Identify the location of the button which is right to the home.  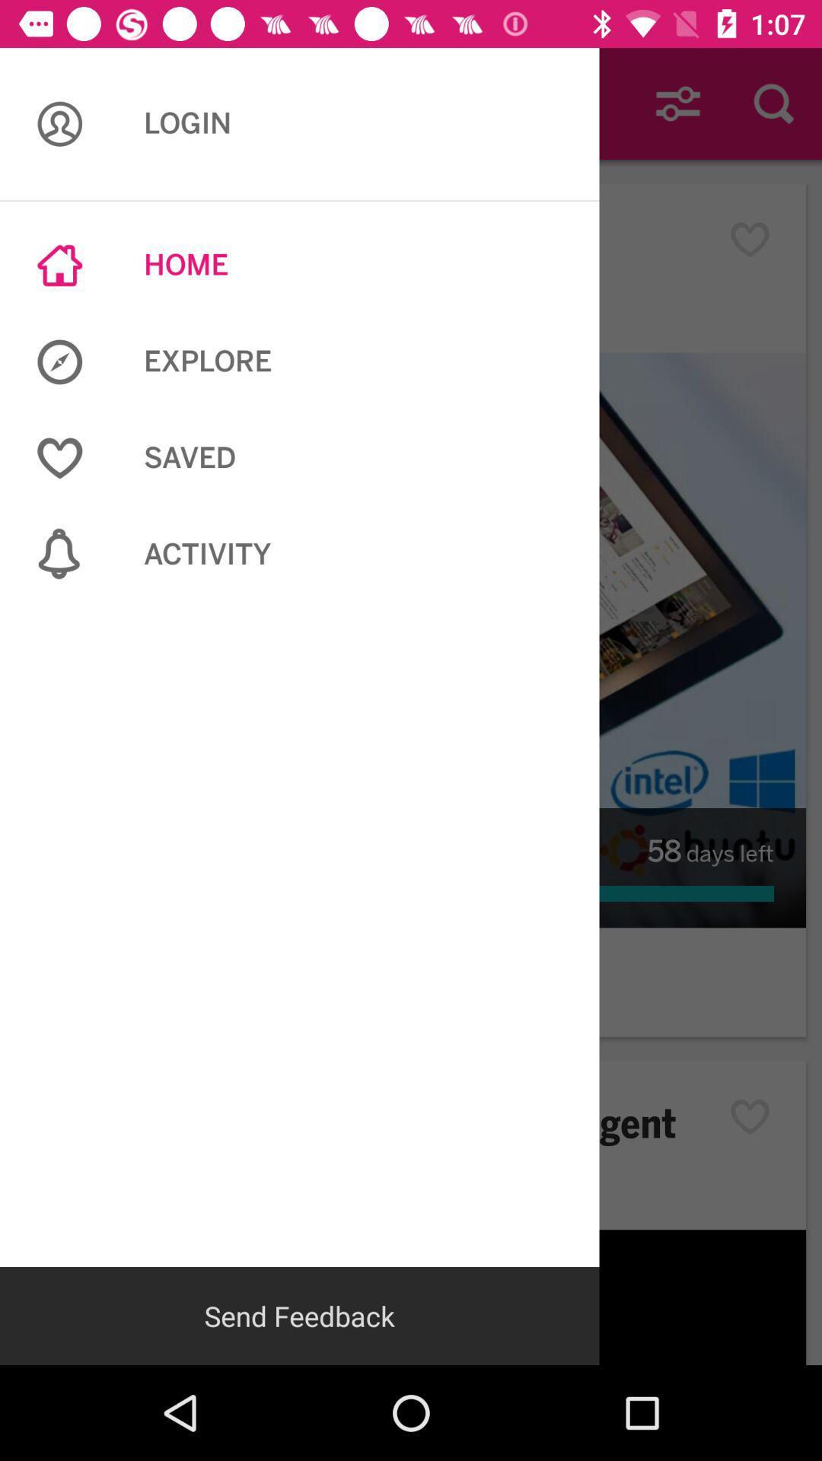
(757, 239).